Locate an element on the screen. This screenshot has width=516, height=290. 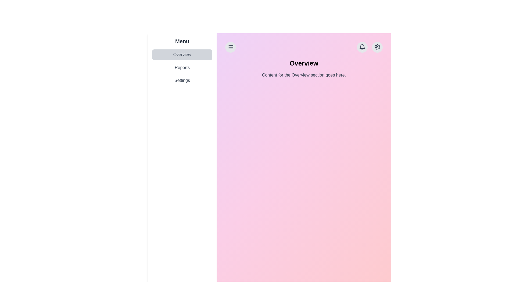
the SVG icon button located near the top-left corner of the main content area is located at coordinates (231, 47).